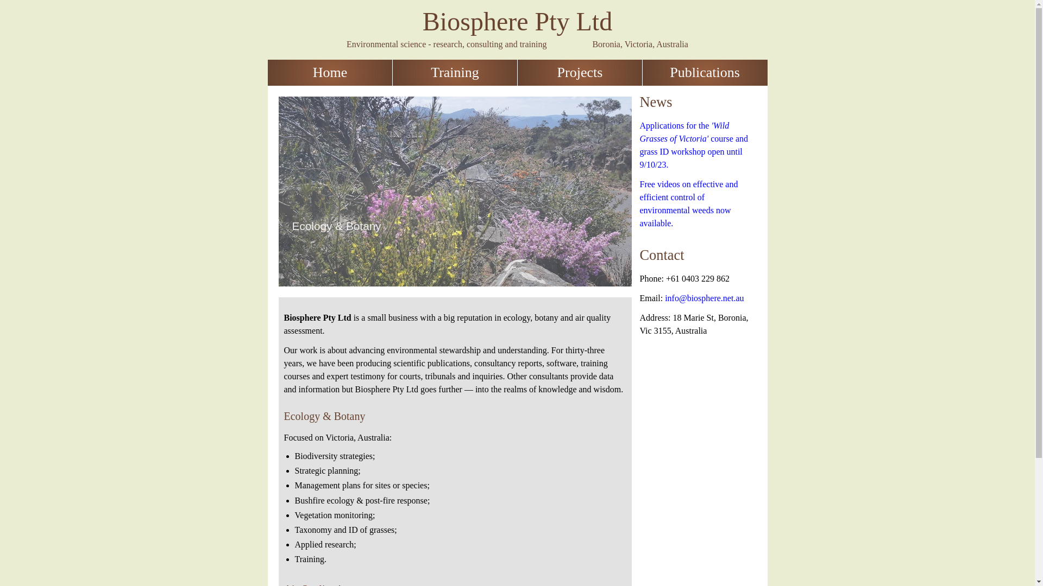 This screenshot has height=586, width=1043. I want to click on 'Projects', so click(579, 73).